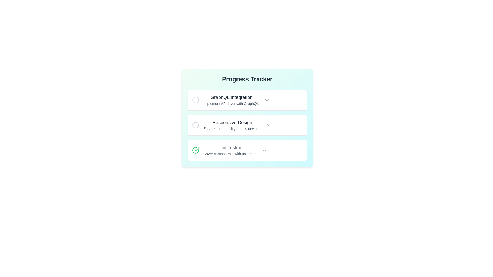  I want to click on the 'GraphQL Integration' text label element, which is the first item in a vertical list under the 'Progress Tracker' title, so click(231, 100).